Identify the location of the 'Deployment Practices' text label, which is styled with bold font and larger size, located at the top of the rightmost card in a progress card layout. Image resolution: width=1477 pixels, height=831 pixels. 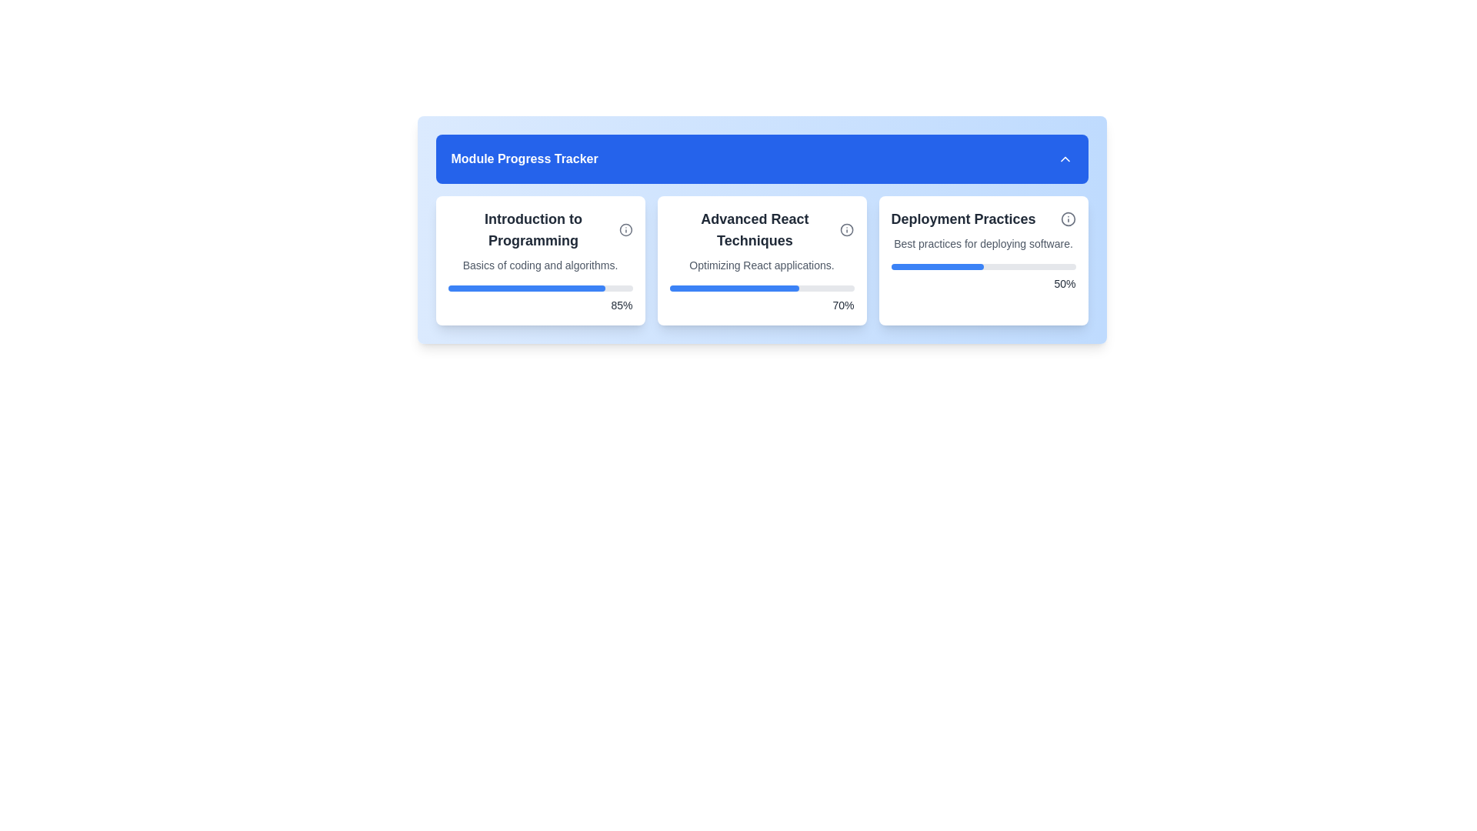
(982, 219).